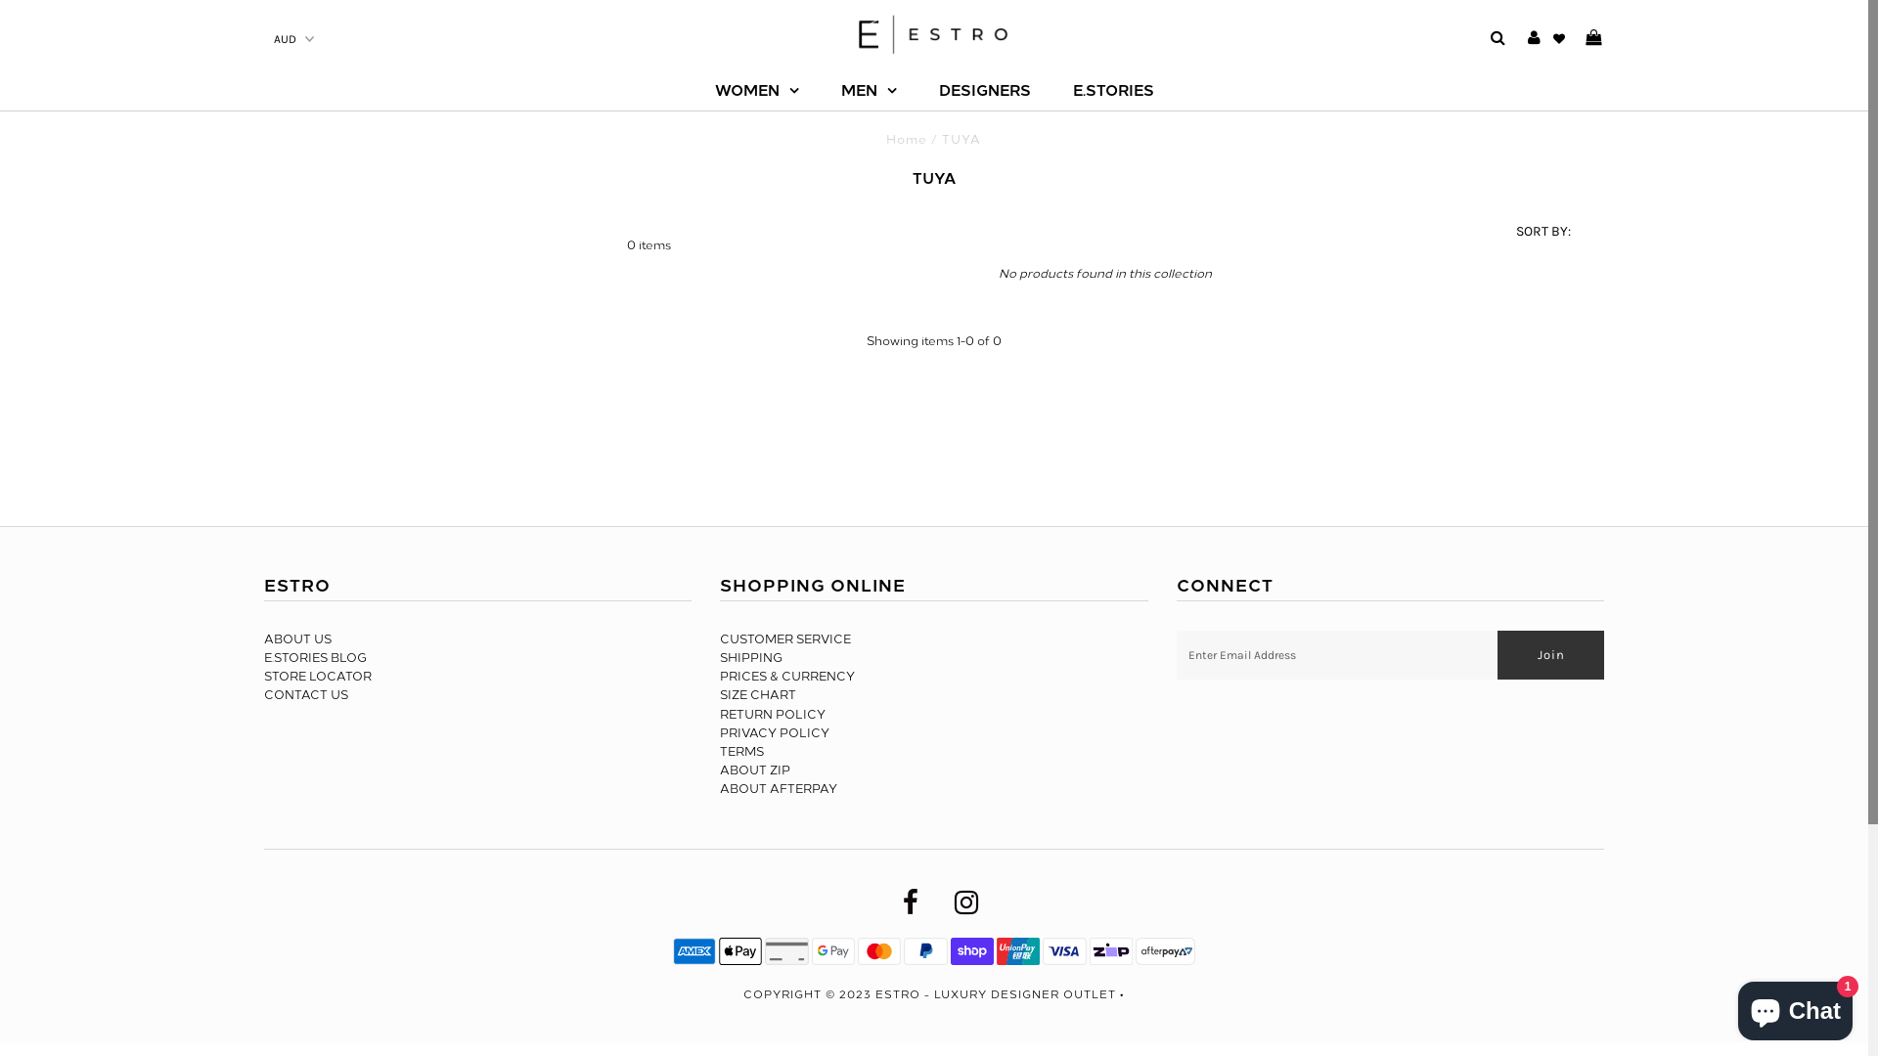 Image resolution: width=1878 pixels, height=1056 pixels. I want to click on 'MEN', so click(868, 90).